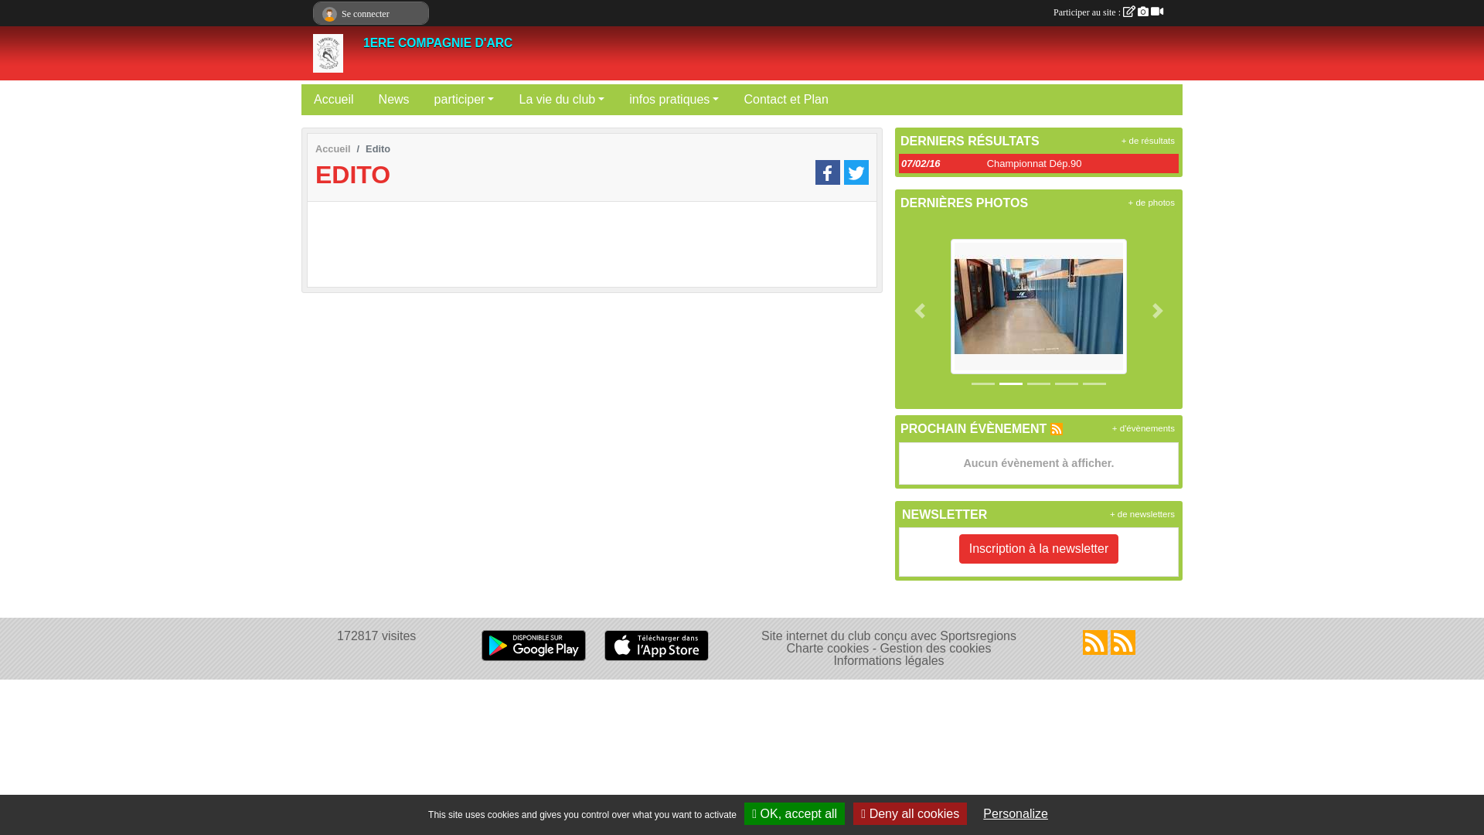  What do you see at coordinates (826, 172) in the screenshot?
I see `'Facebook'` at bounding box center [826, 172].